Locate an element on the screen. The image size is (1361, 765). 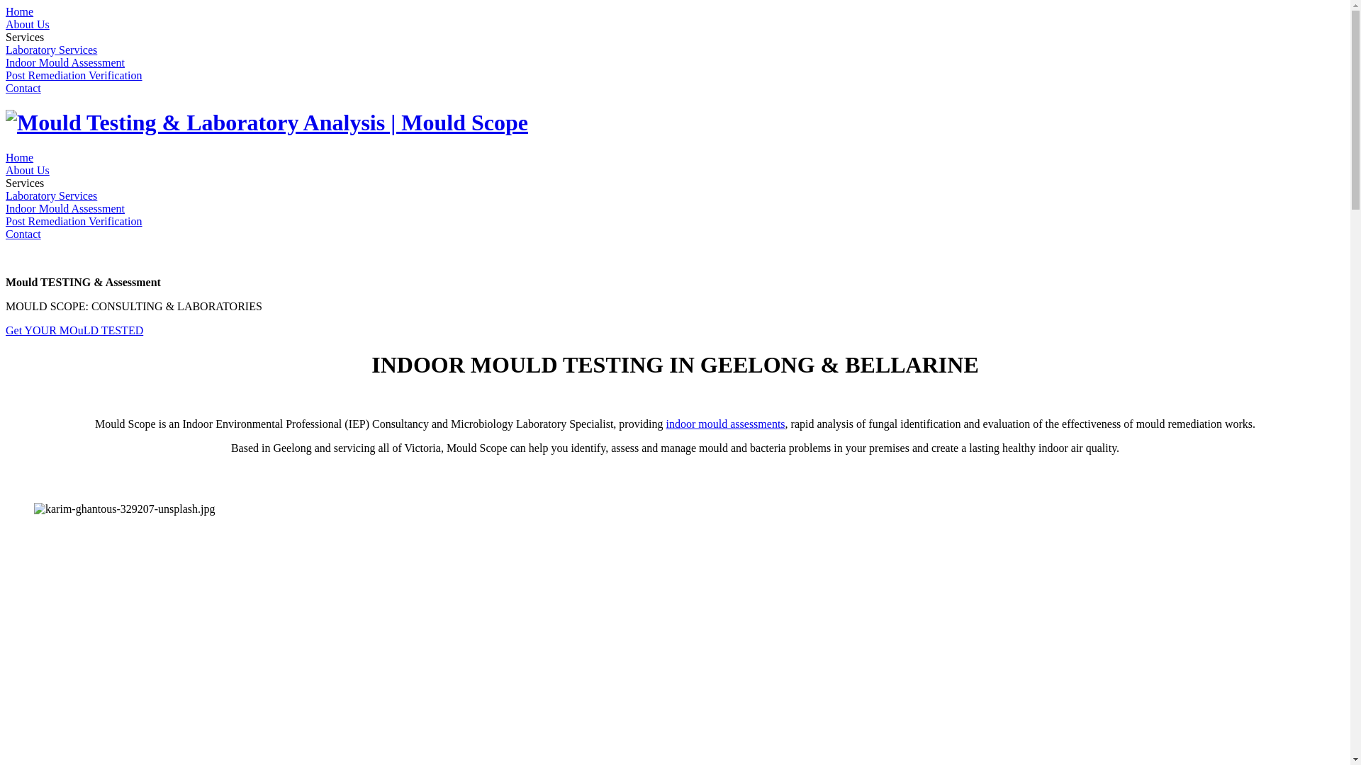
'Home' is located at coordinates (19, 11).